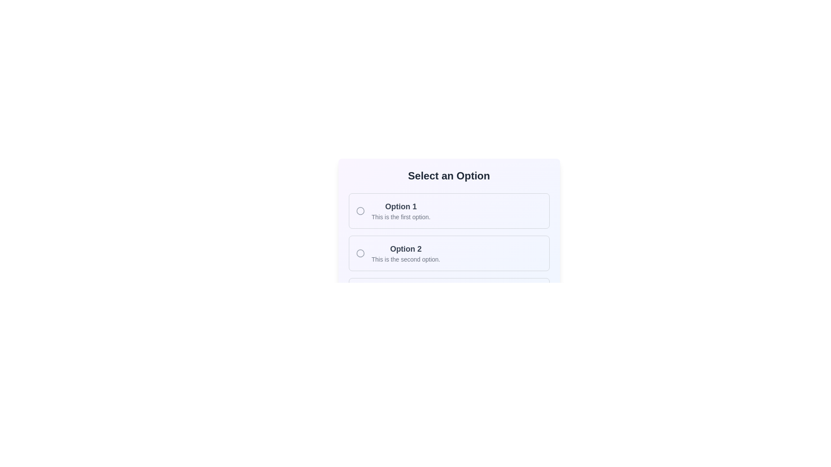 This screenshot has height=467, width=831. Describe the element at coordinates (449, 241) in the screenshot. I see `the second selectable option (radio button) labeled 'Option 2'` at that location.